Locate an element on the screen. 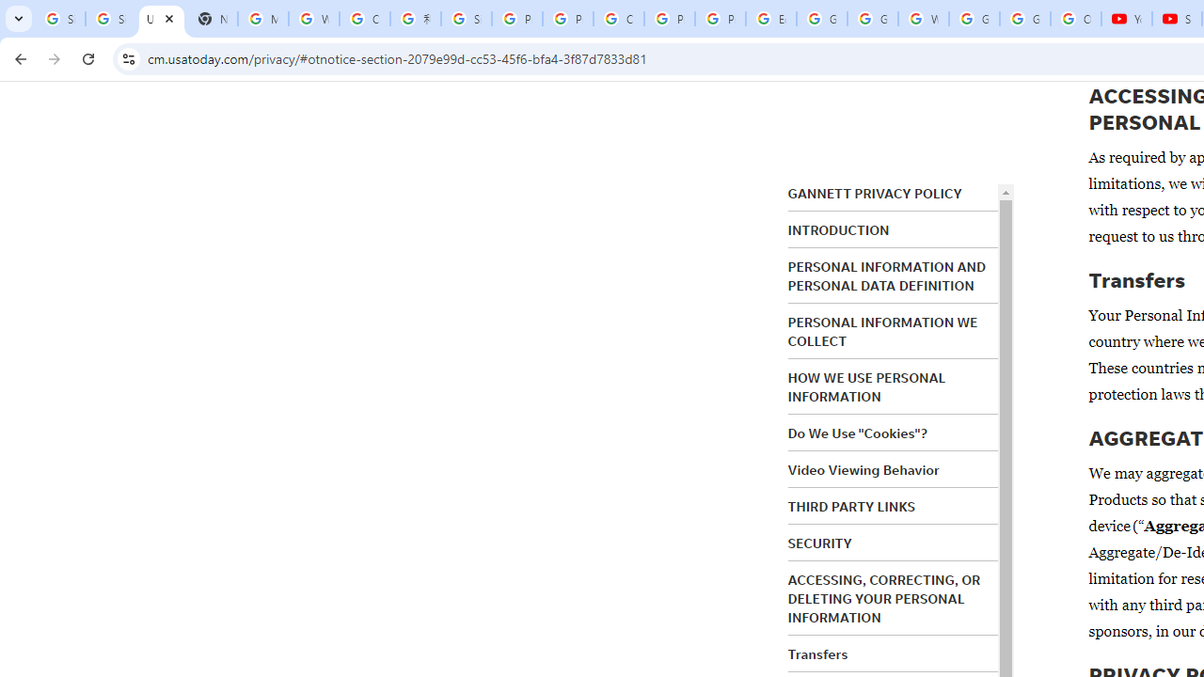  'Google Account' is located at coordinates (1023, 19).